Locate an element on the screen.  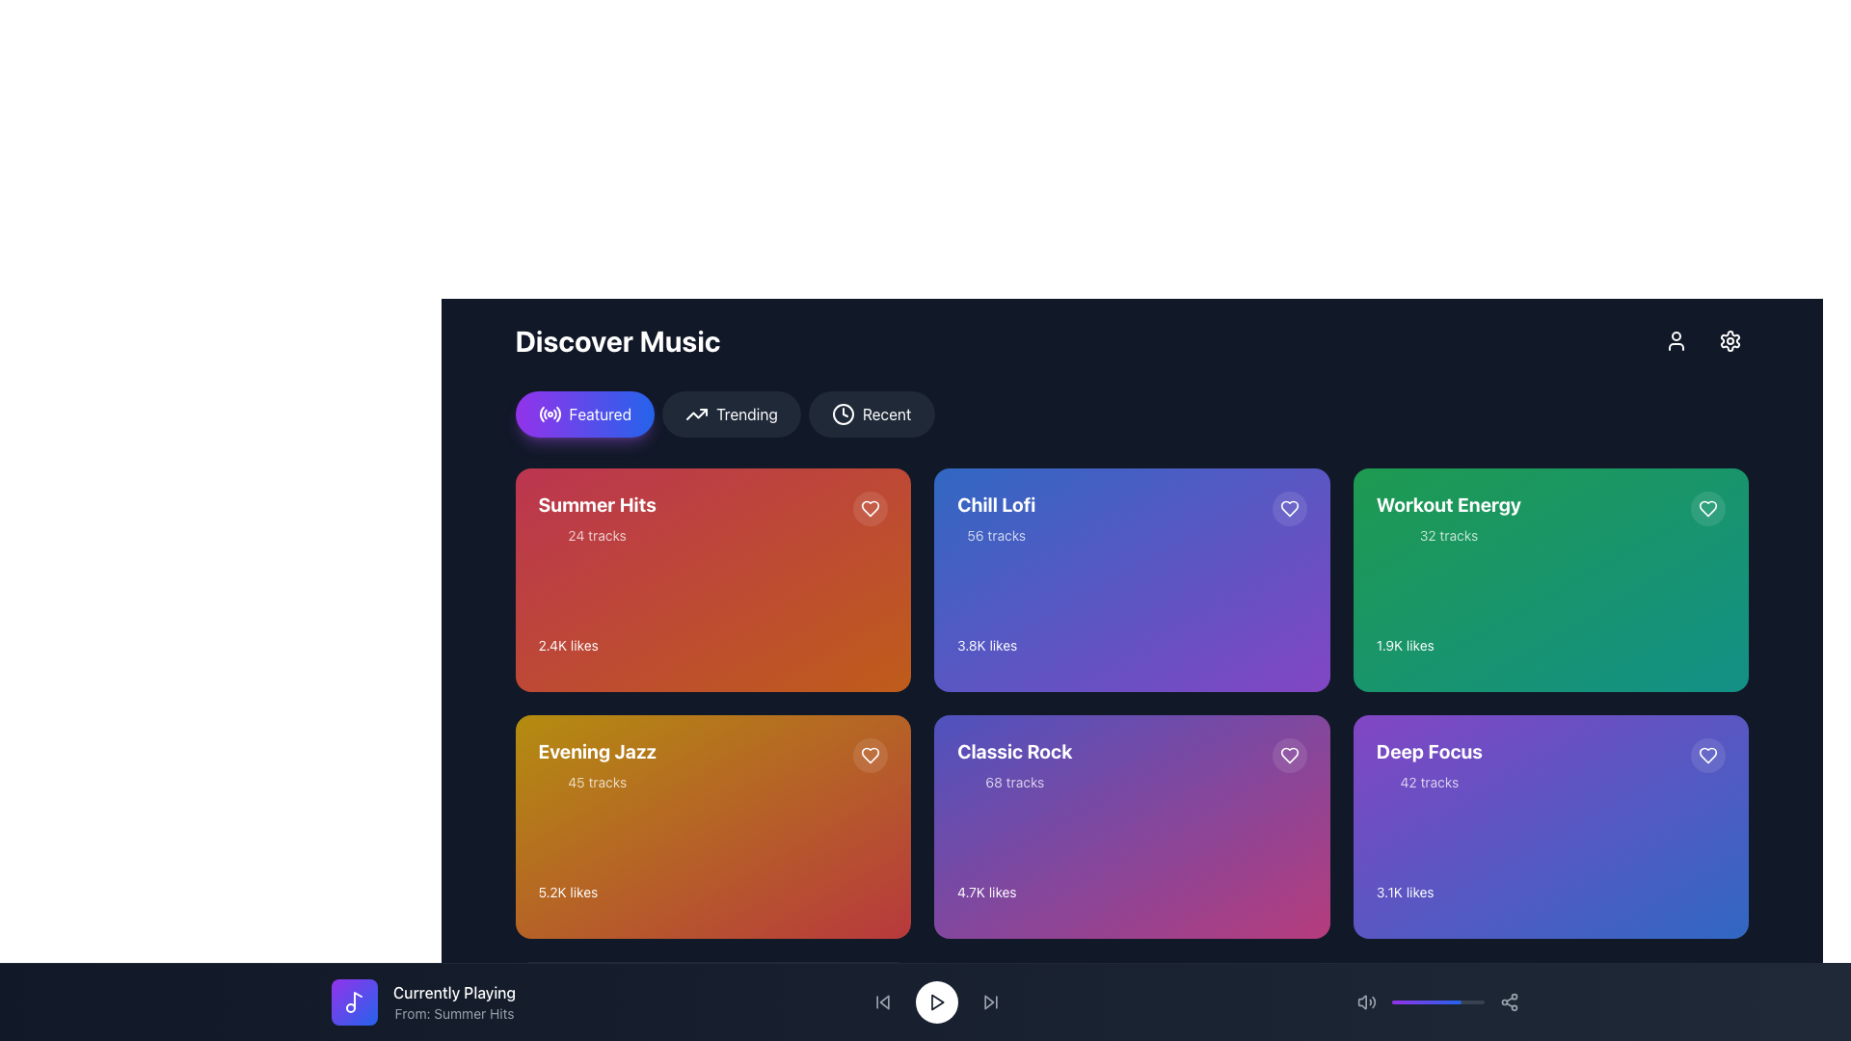
the 'Classic Rock' textual information display component is located at coordinates (1013, 764).